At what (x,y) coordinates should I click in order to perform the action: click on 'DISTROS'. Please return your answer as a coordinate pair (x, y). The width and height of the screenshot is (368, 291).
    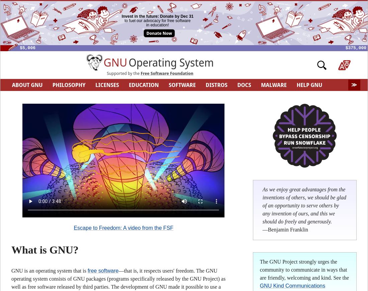
    Looking at the image, I should click on (216, 85).